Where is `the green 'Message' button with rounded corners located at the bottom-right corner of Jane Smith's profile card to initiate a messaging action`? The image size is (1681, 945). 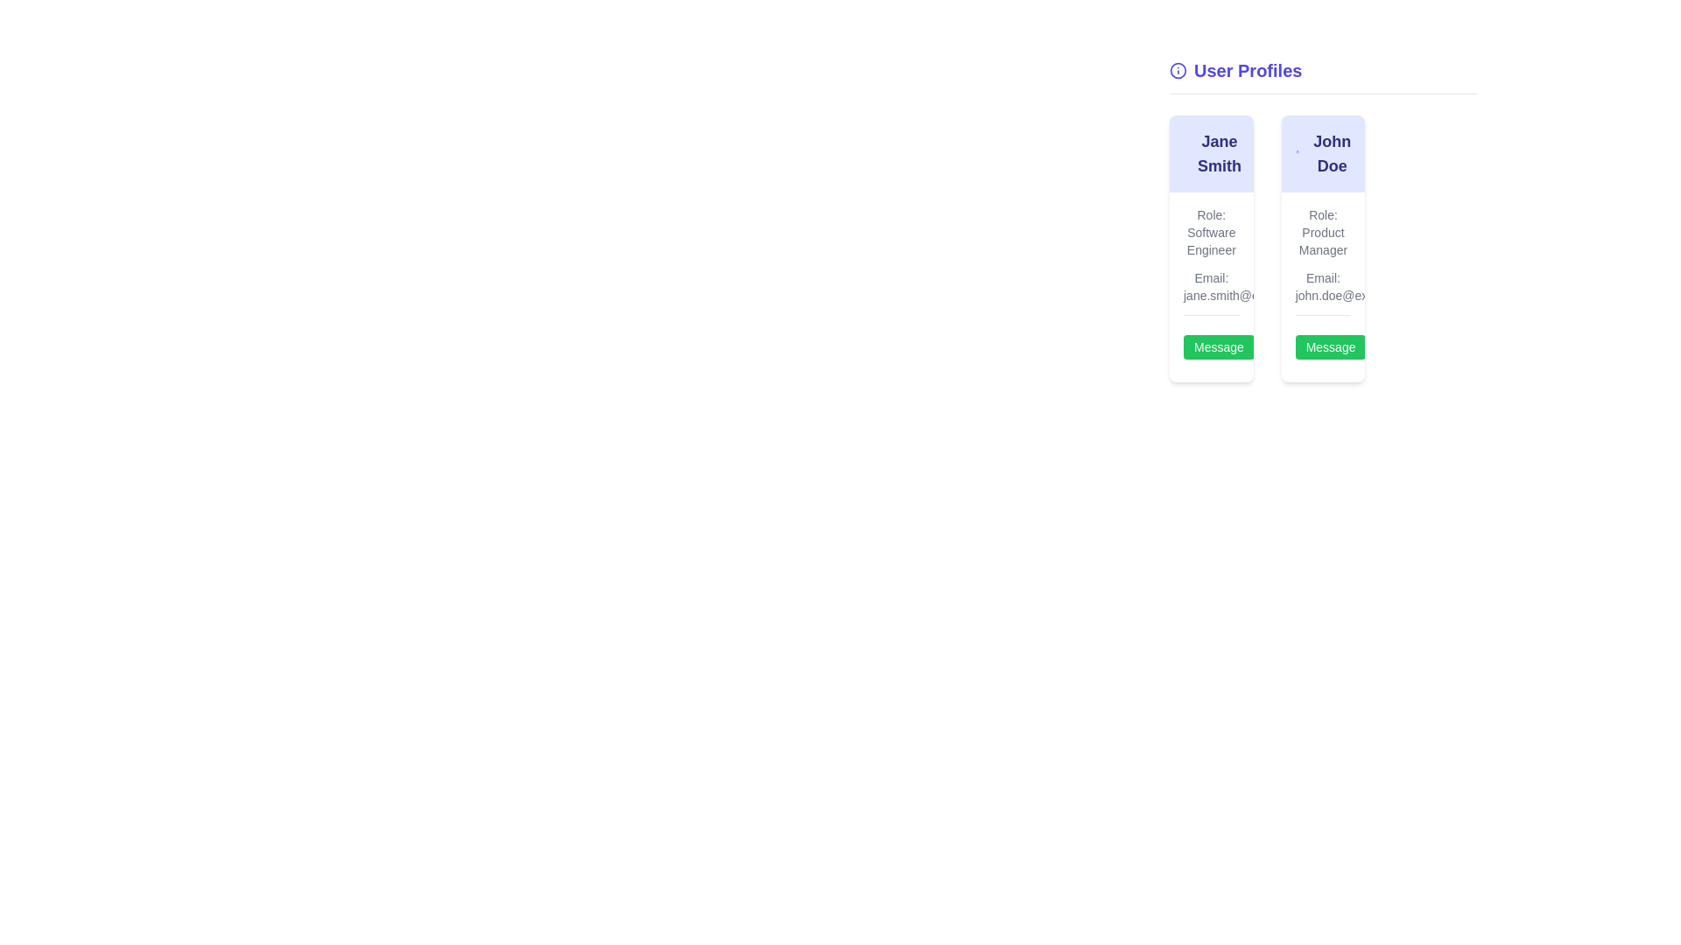 the green 'Message' button with rounded corners located at the bottom-right corner of Jane Smith's profile card to initiate a messaging action is located at coordinates (1210, 341).